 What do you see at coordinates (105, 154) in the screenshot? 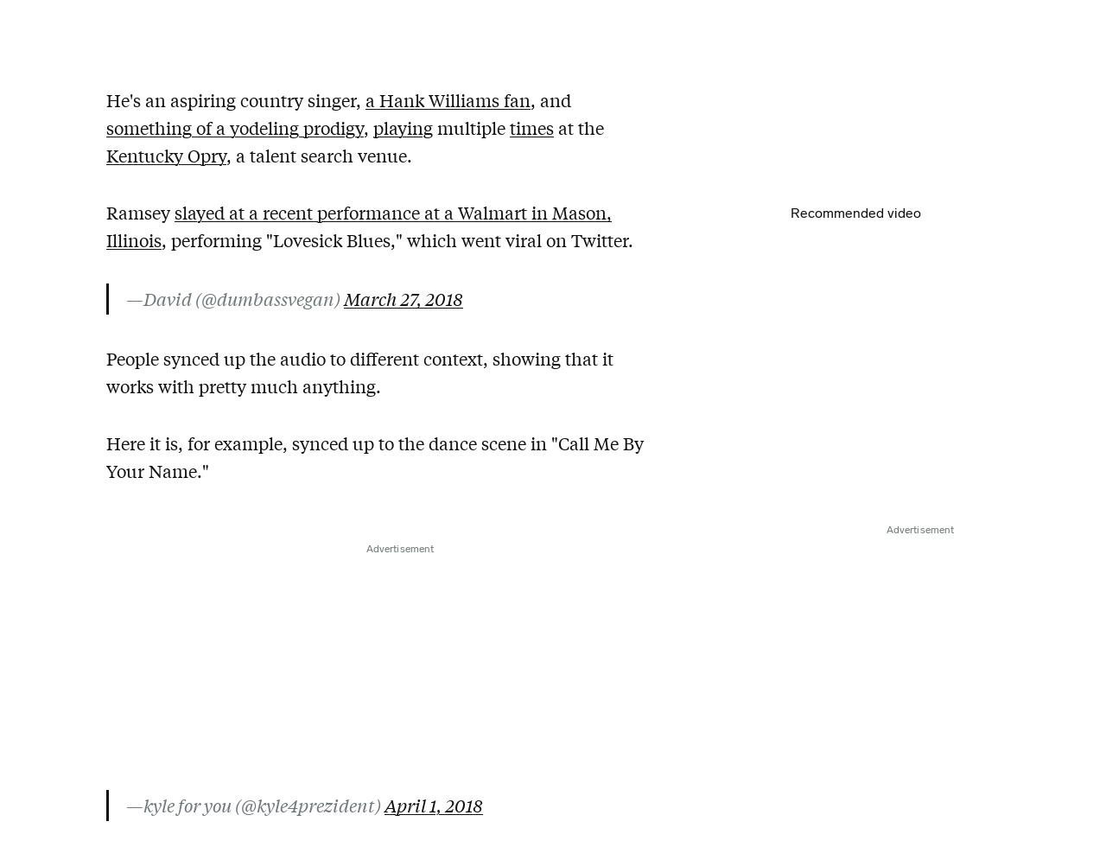
I see `'Kentucky Opry'` at bounding box center [105, 154].